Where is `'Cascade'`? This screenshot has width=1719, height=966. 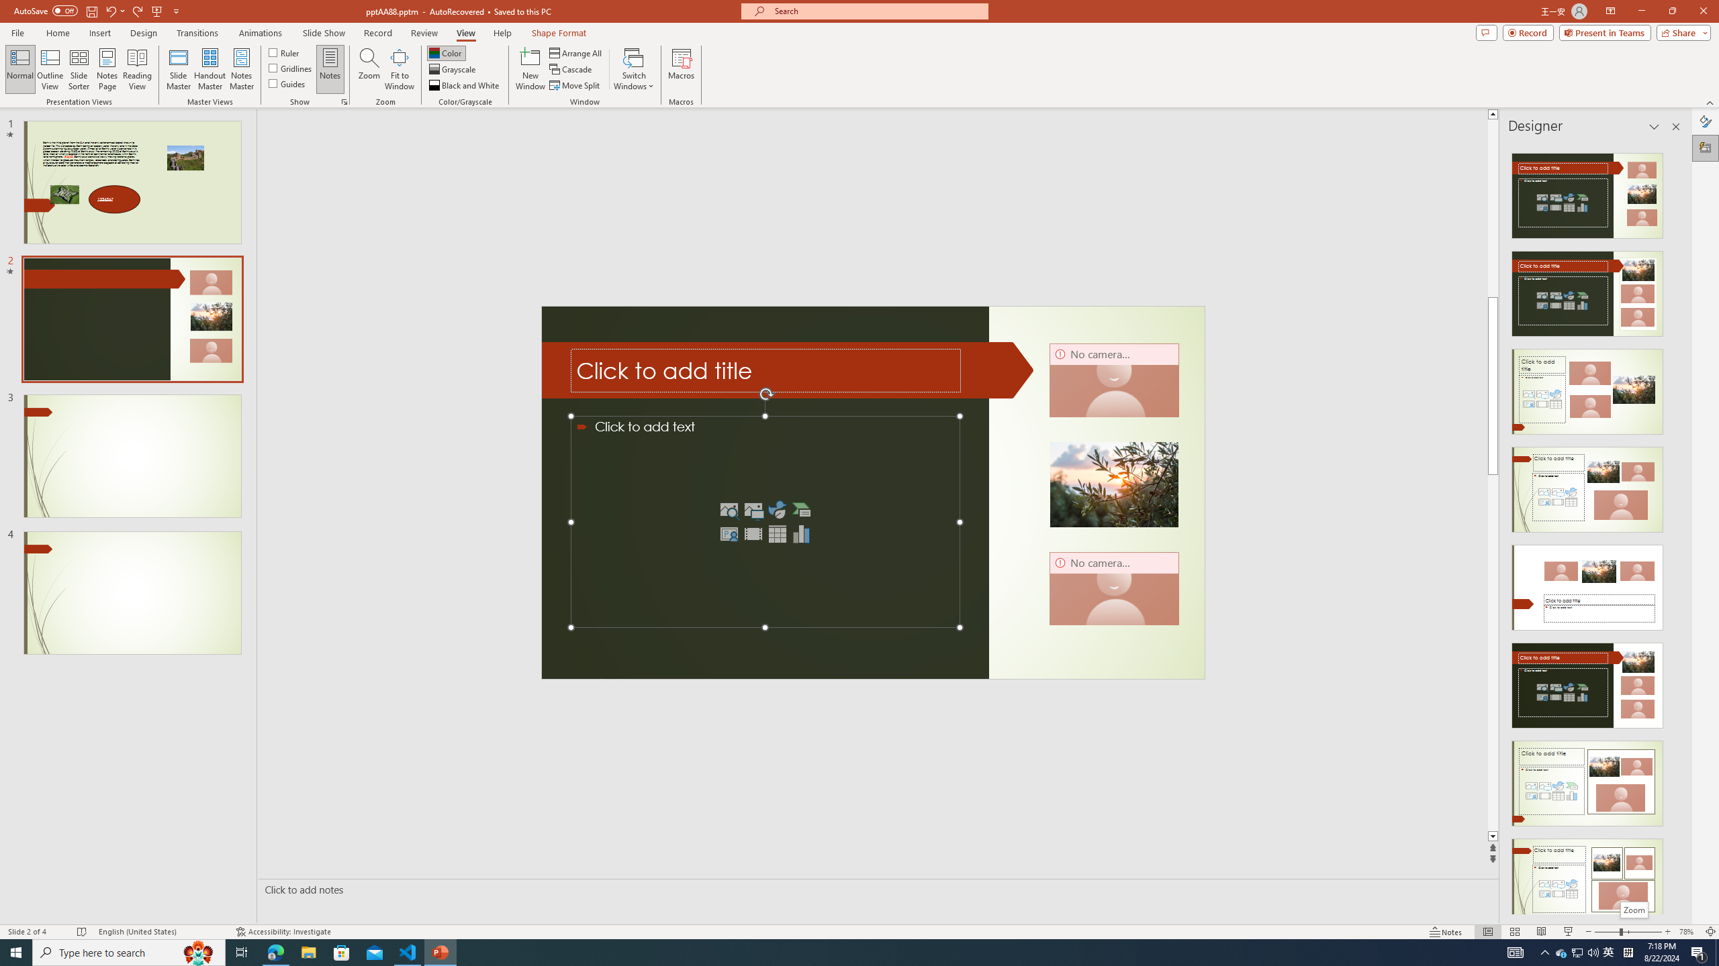 'Cascade' is located at coordinates (571, 69).